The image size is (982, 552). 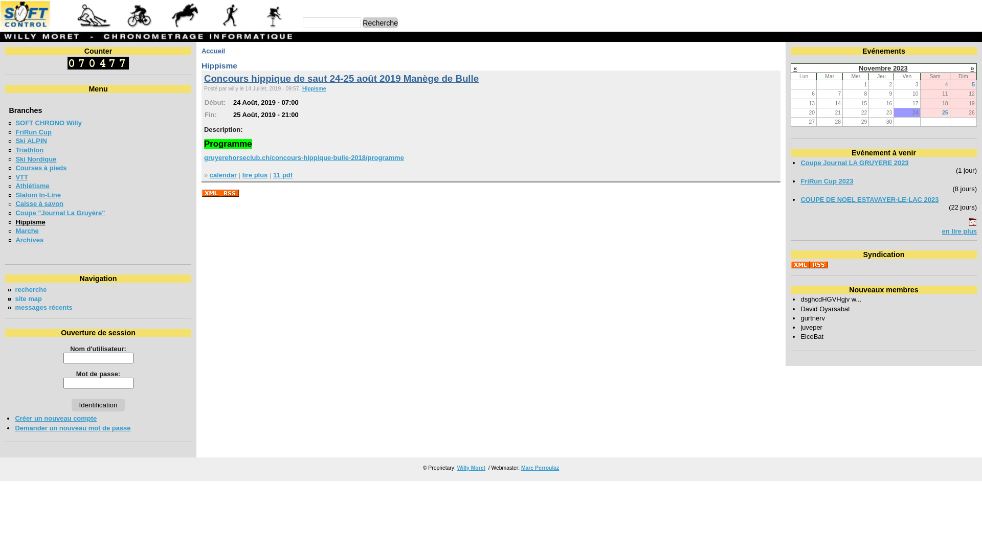 What do you see at coordinates (363, 22) in the screenshot?
I see `'Recherche'` at bounding box center [363, 22].